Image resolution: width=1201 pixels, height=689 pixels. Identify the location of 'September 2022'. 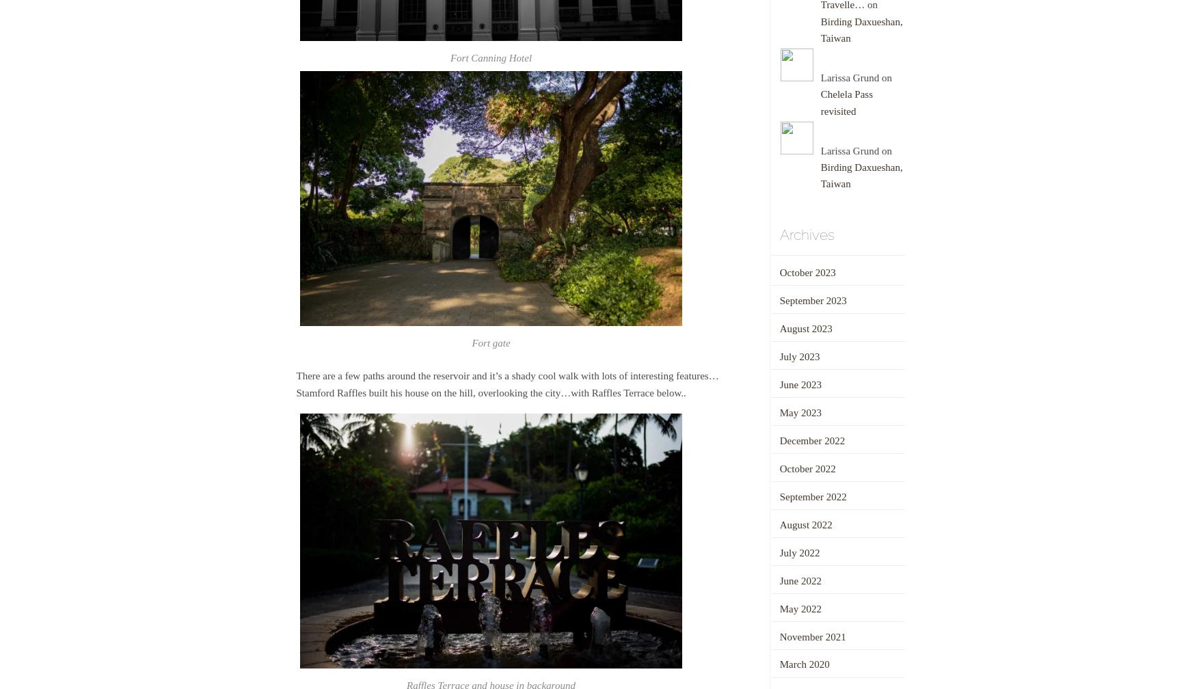
(778, 496).